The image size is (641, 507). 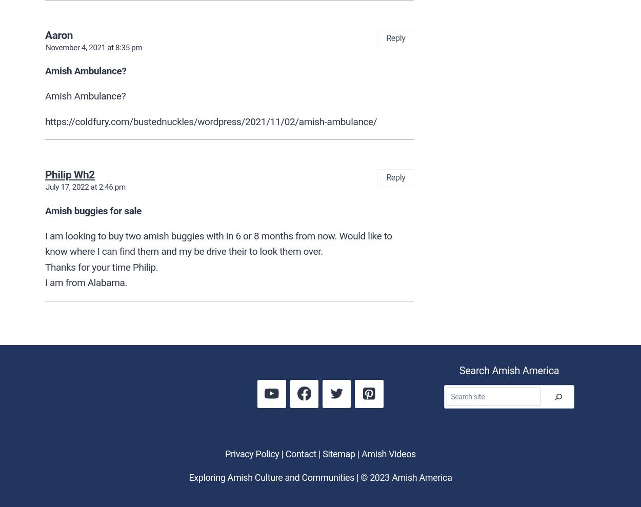 I want to click on 'Sitemap', so click(x=338, y=453).